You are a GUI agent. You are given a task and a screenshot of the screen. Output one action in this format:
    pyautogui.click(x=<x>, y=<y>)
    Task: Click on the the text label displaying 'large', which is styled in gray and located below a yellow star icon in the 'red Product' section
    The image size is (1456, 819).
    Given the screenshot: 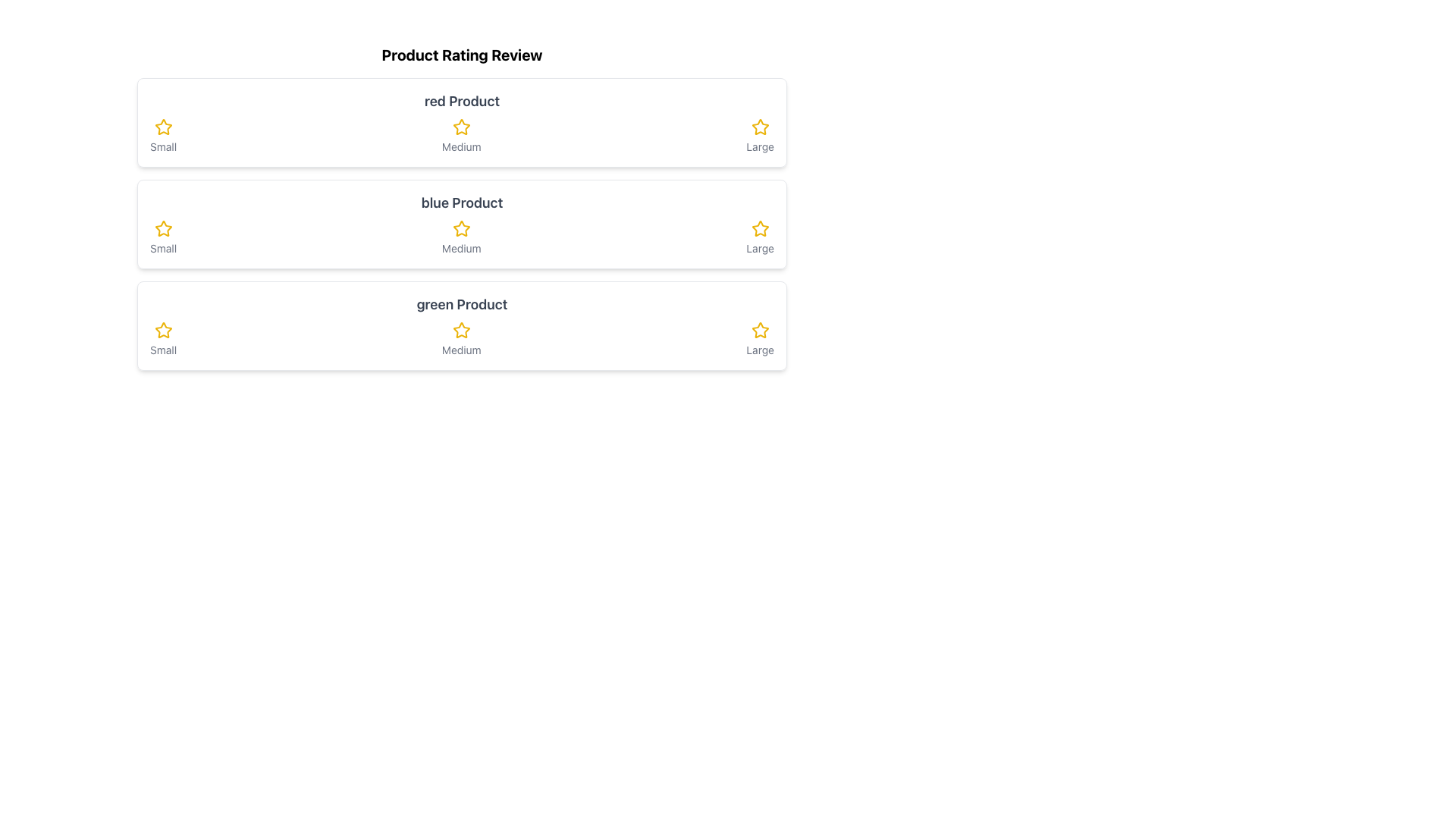 What is the action you would take?
    pyautogui.click(x=760, y=146)
    